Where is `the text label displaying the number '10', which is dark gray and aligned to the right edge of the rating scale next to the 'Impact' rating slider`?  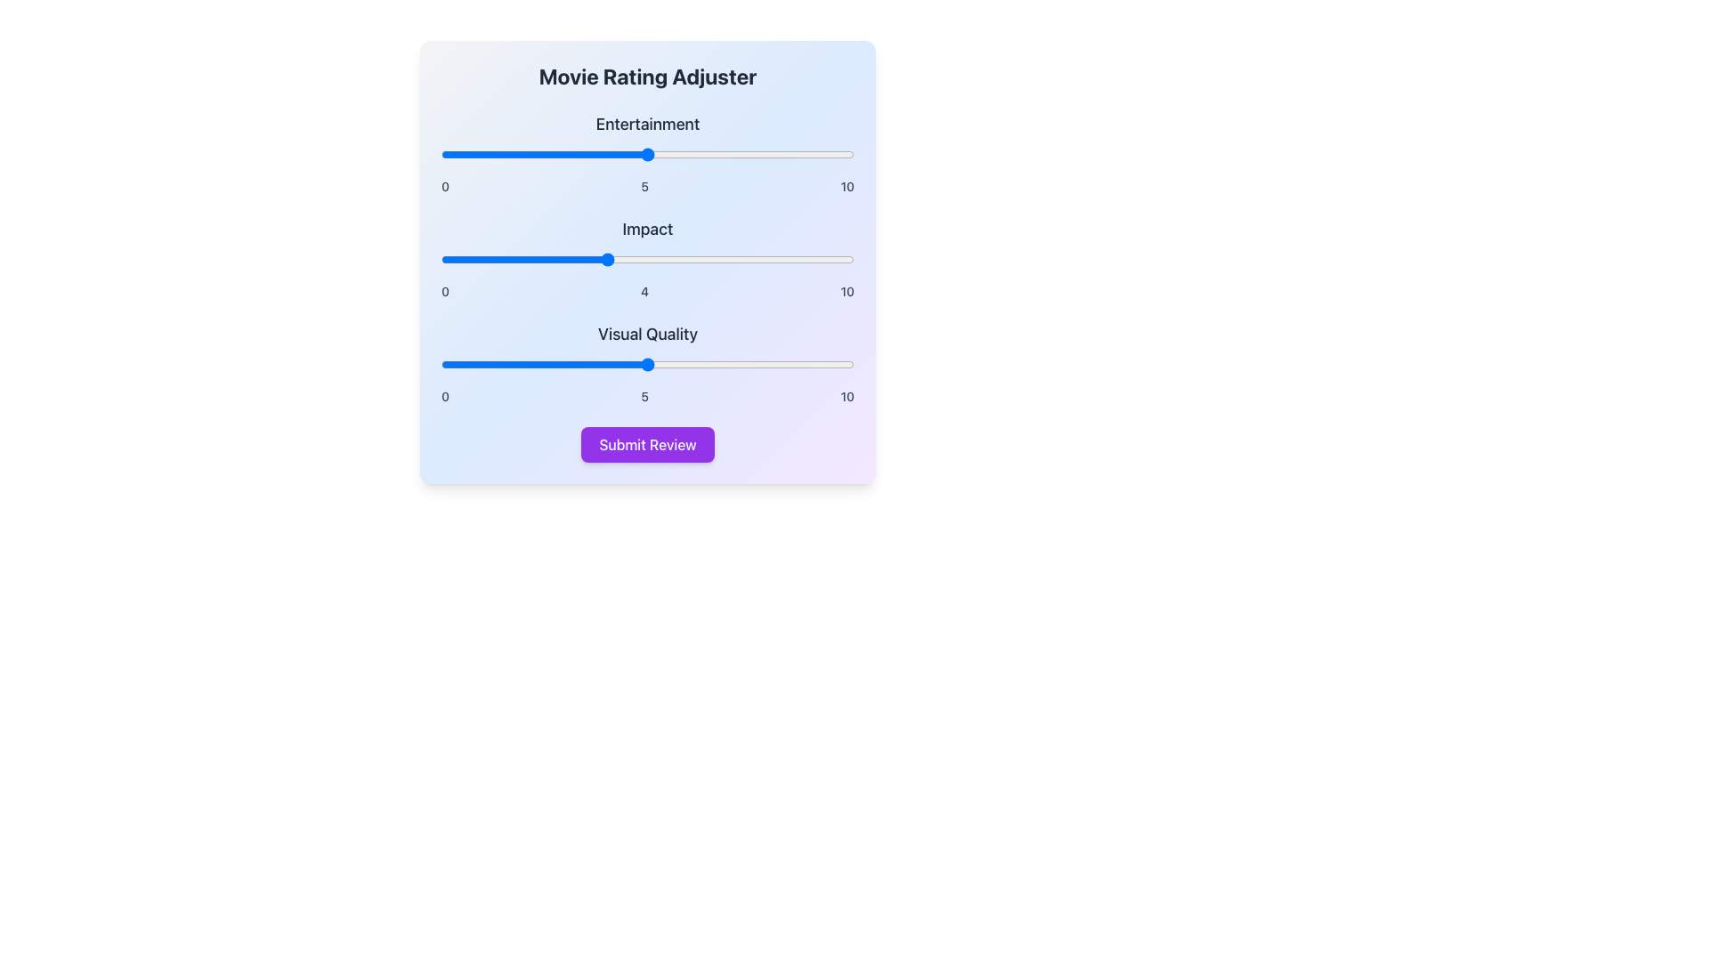
the text label displaying the number '10', which is dark gray and aligned to the right edge of the rating scale next to the 'Impact' rating slider is located at coordinates (846, 290).